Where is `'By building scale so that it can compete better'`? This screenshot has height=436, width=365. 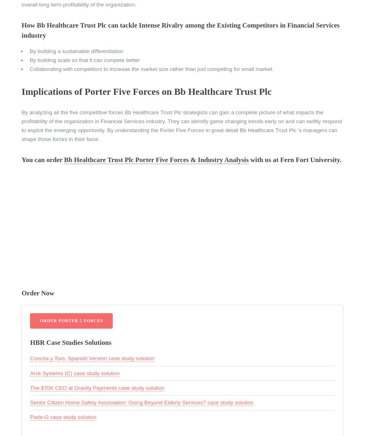 'By building scale so that it can compete better' is located at coordinates (84, 60).